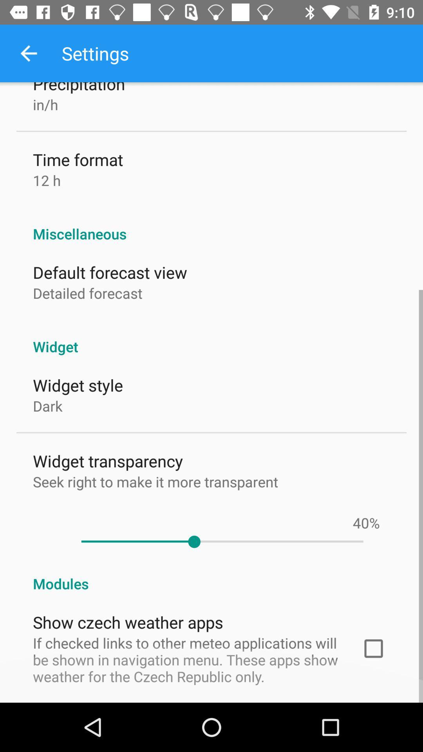  Describe the element at coordinates (211, 225) in the screenshot. I see `the miscellaneous` at that location.